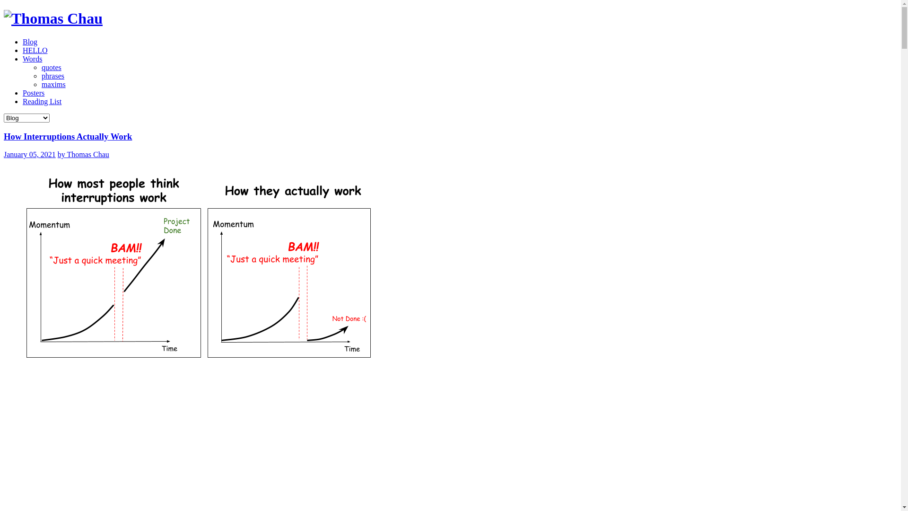 This screenshot has height=511, width=908. I want to click on 'Thomas Chau', so click(52, 18).